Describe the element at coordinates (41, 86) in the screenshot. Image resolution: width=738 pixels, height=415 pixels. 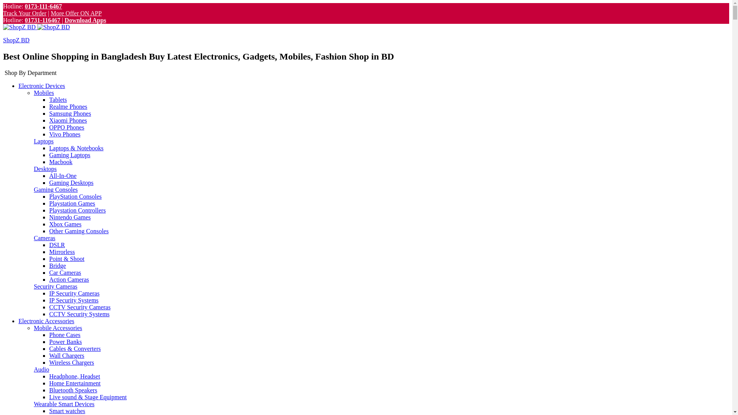
I see `'Electronic Devices'` at that location.